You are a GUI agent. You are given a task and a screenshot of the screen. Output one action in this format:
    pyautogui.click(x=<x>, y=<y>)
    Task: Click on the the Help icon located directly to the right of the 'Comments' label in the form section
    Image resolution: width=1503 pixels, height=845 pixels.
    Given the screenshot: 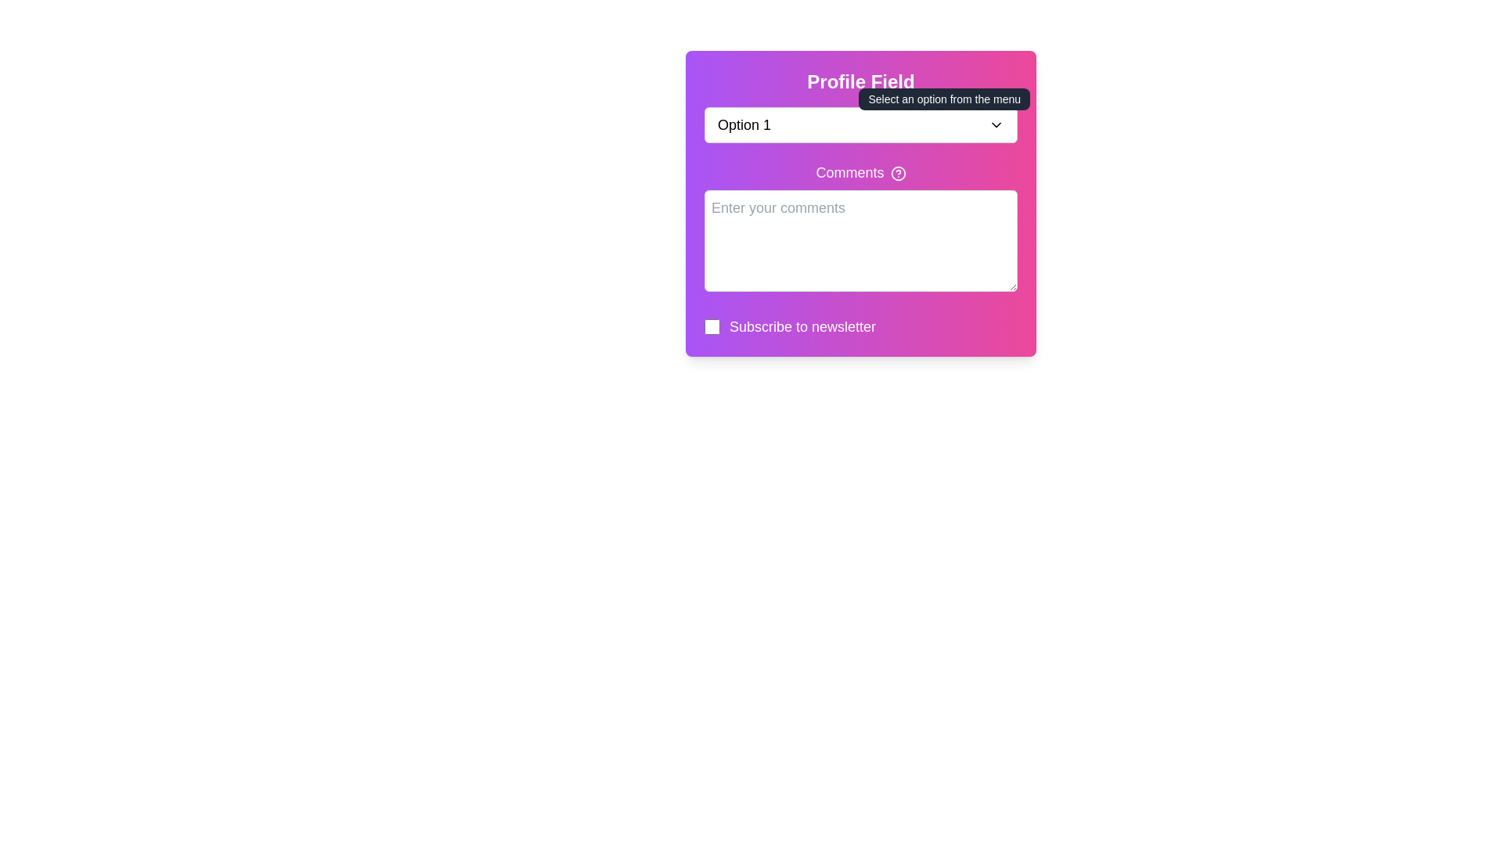 What is the action you would take?
    pyautogui.click(x=898, y=174)
    